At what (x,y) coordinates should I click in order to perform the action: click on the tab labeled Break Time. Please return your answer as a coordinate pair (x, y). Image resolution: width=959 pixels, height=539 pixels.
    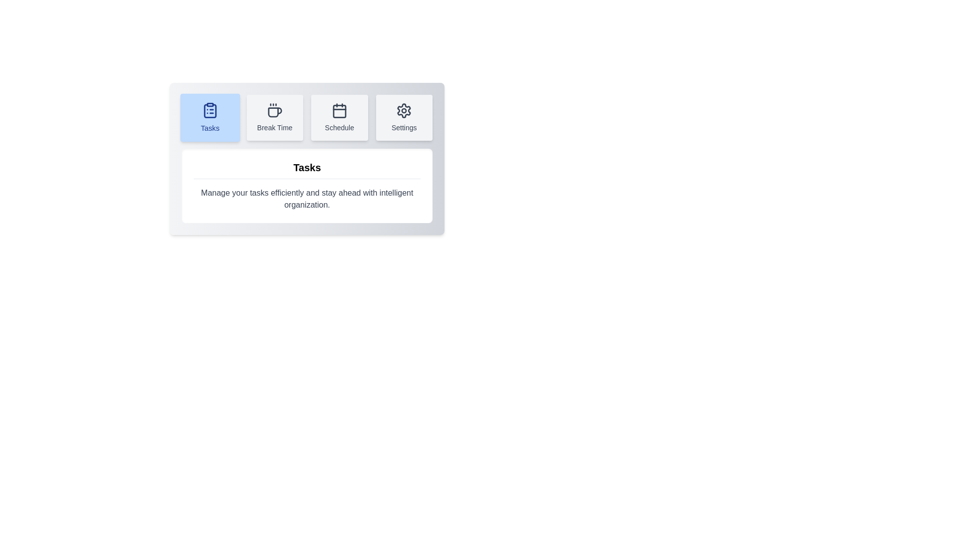
    Looking at the image, I should click on (275, 117).